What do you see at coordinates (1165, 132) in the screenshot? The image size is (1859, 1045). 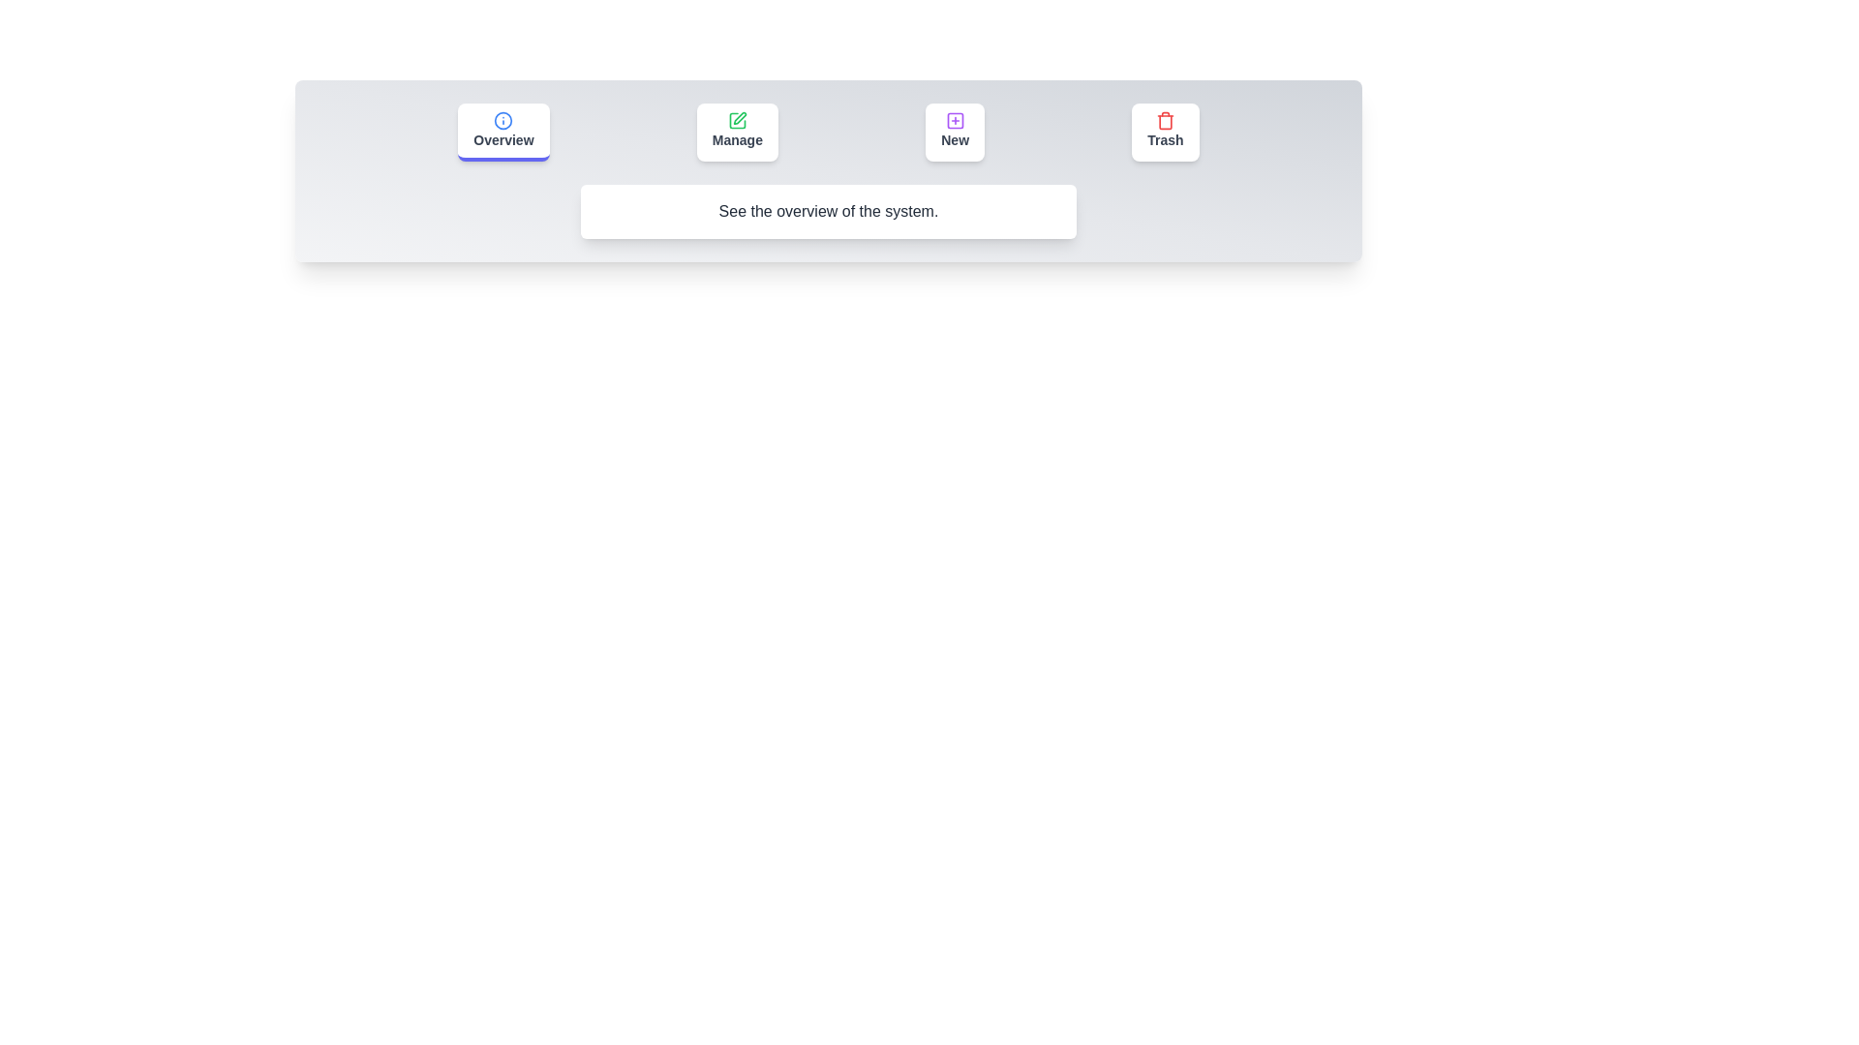 I see `the tab labeled Trash to observe its visual transition effect` at bounding box center [1165, 132].